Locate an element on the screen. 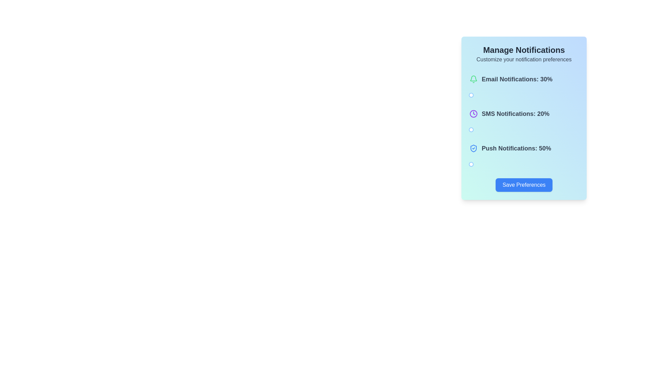 This screenshot has height=366, width=650. the text label that reads 'Email Notifications: 30%', which is the first item in the notification settings list, styled in dark gray and positioned to the right of a bell icon is located at coordinates (517, 79).